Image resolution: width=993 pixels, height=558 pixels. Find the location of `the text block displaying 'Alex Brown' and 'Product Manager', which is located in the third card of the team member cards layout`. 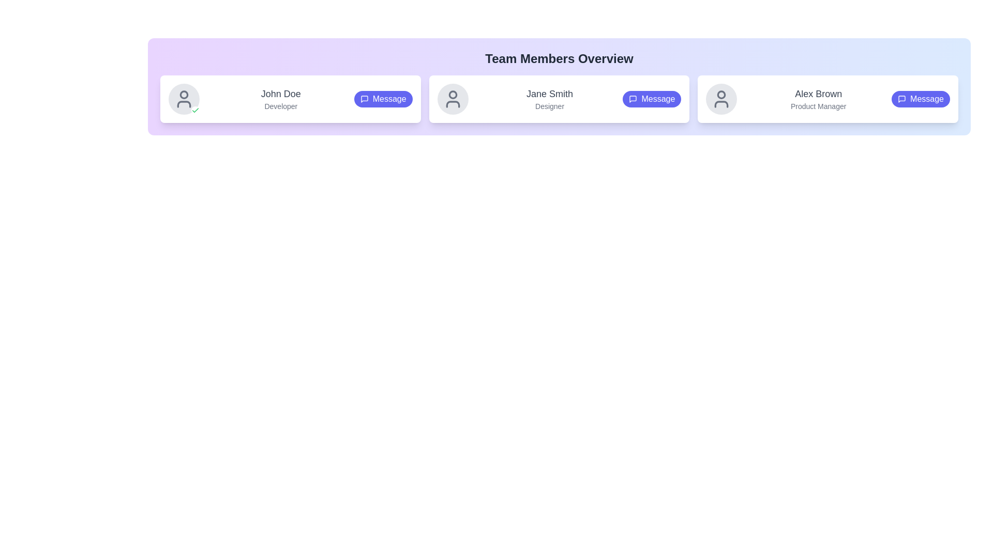

the text block displaying 'Alex Brown' and 'Product Manager', which is located in the third card of the team member cards layout is located at coordinates (818, 99).